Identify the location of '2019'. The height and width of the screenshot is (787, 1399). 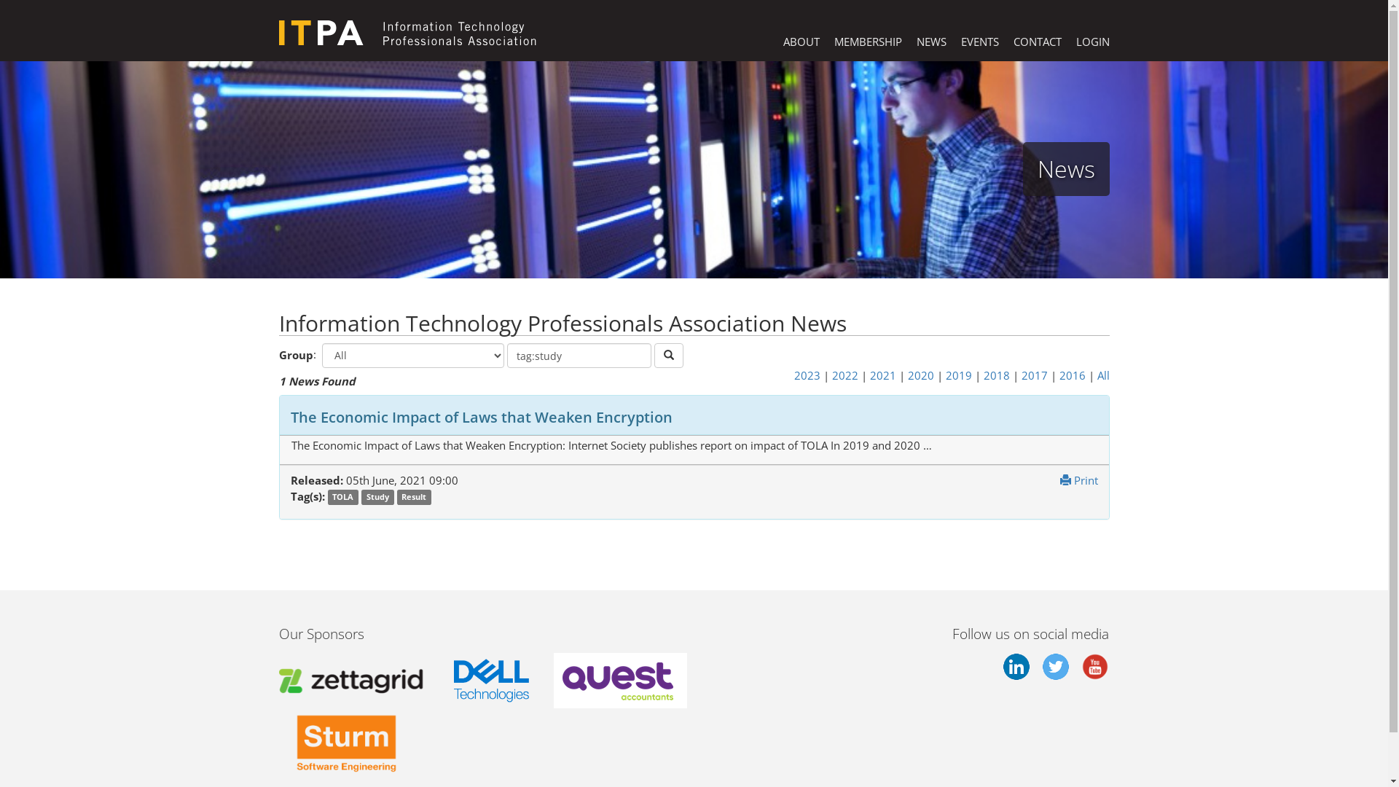
(958, 375).